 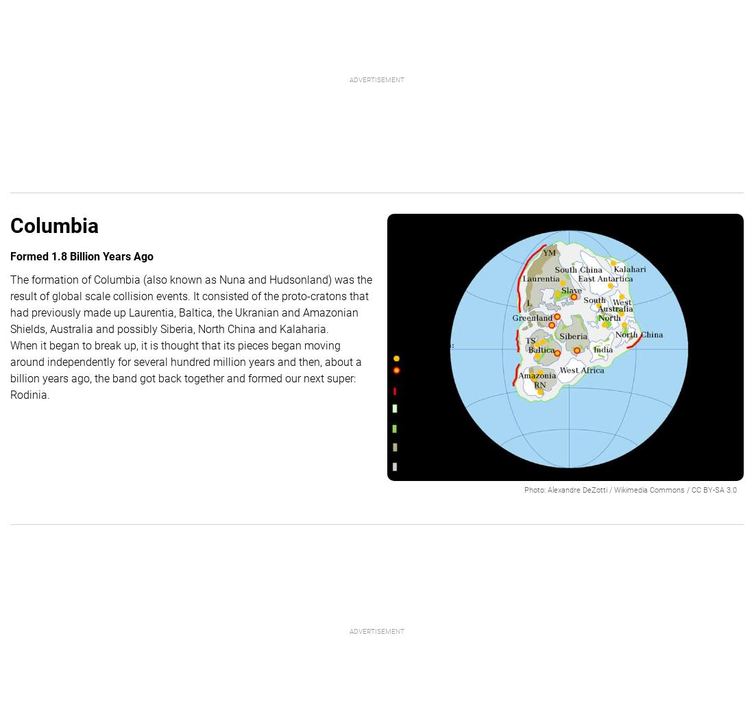 I want to click on 'CC BY-SA 3.0', so click(x=691, y=489).